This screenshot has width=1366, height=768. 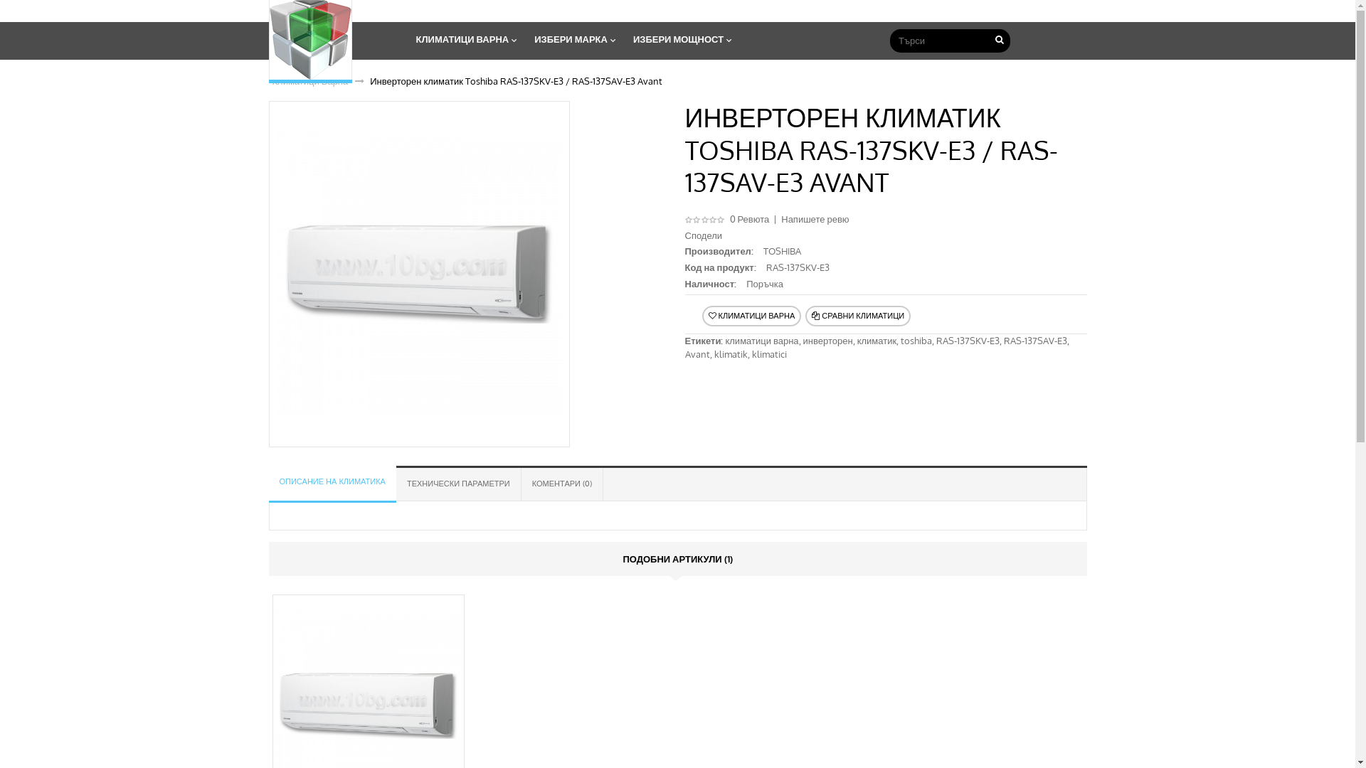 I want to click on 'RAS-137SKV-E3', so click(x=968, y=340).